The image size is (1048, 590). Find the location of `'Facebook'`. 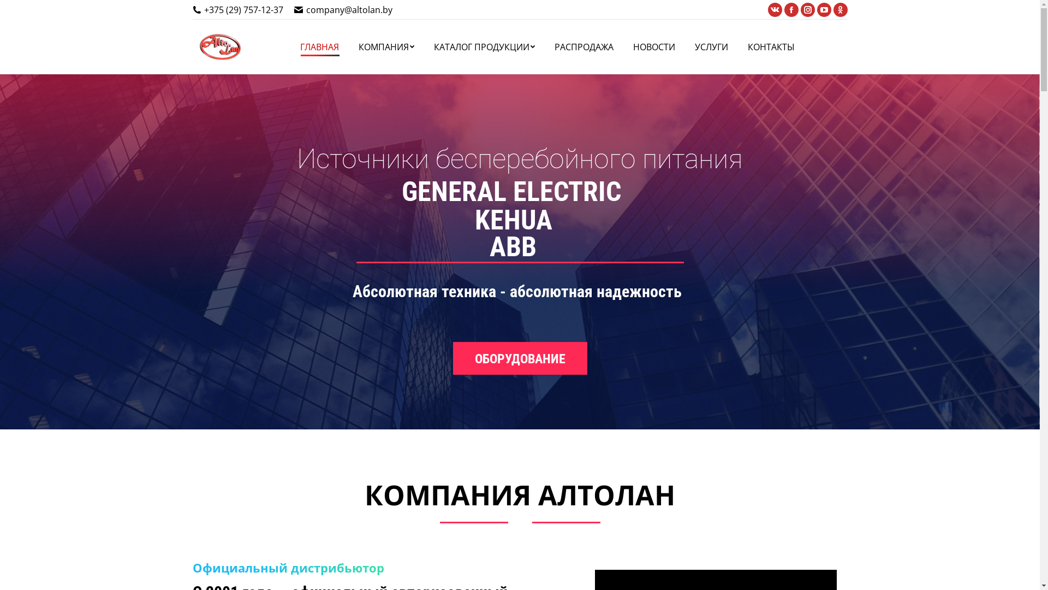

'Facebook' is located at coordinates (791, 10).